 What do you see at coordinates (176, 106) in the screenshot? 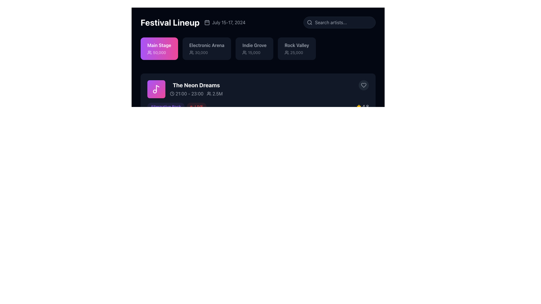
I see `the compound UI element displaying 'Alternative Rock' and 'LIVE'` at bounding box center [176, 106].